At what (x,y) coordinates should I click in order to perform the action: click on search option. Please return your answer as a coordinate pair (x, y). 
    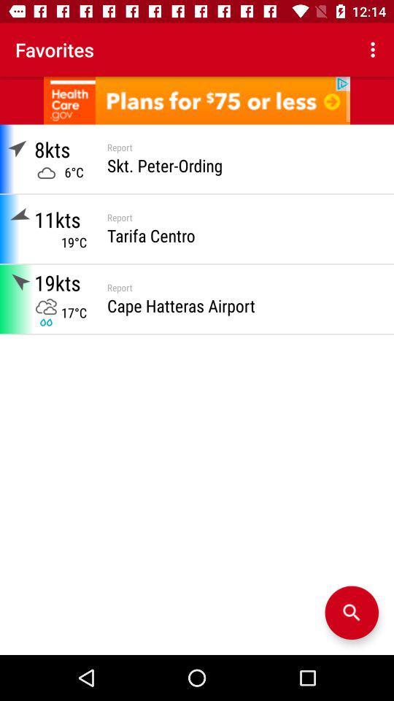
    Looking at the image, I should click on (351, 613).